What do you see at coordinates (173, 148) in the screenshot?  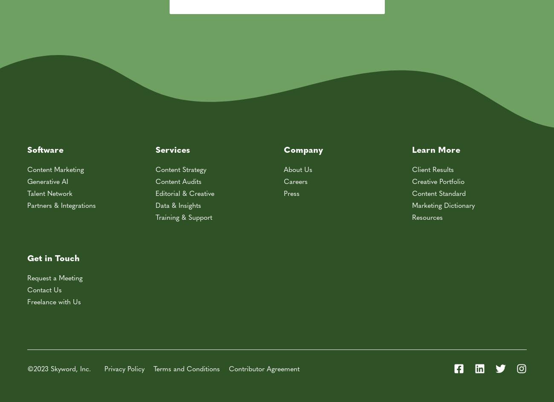 I see `'Services'` at bounding box center [173, 148].